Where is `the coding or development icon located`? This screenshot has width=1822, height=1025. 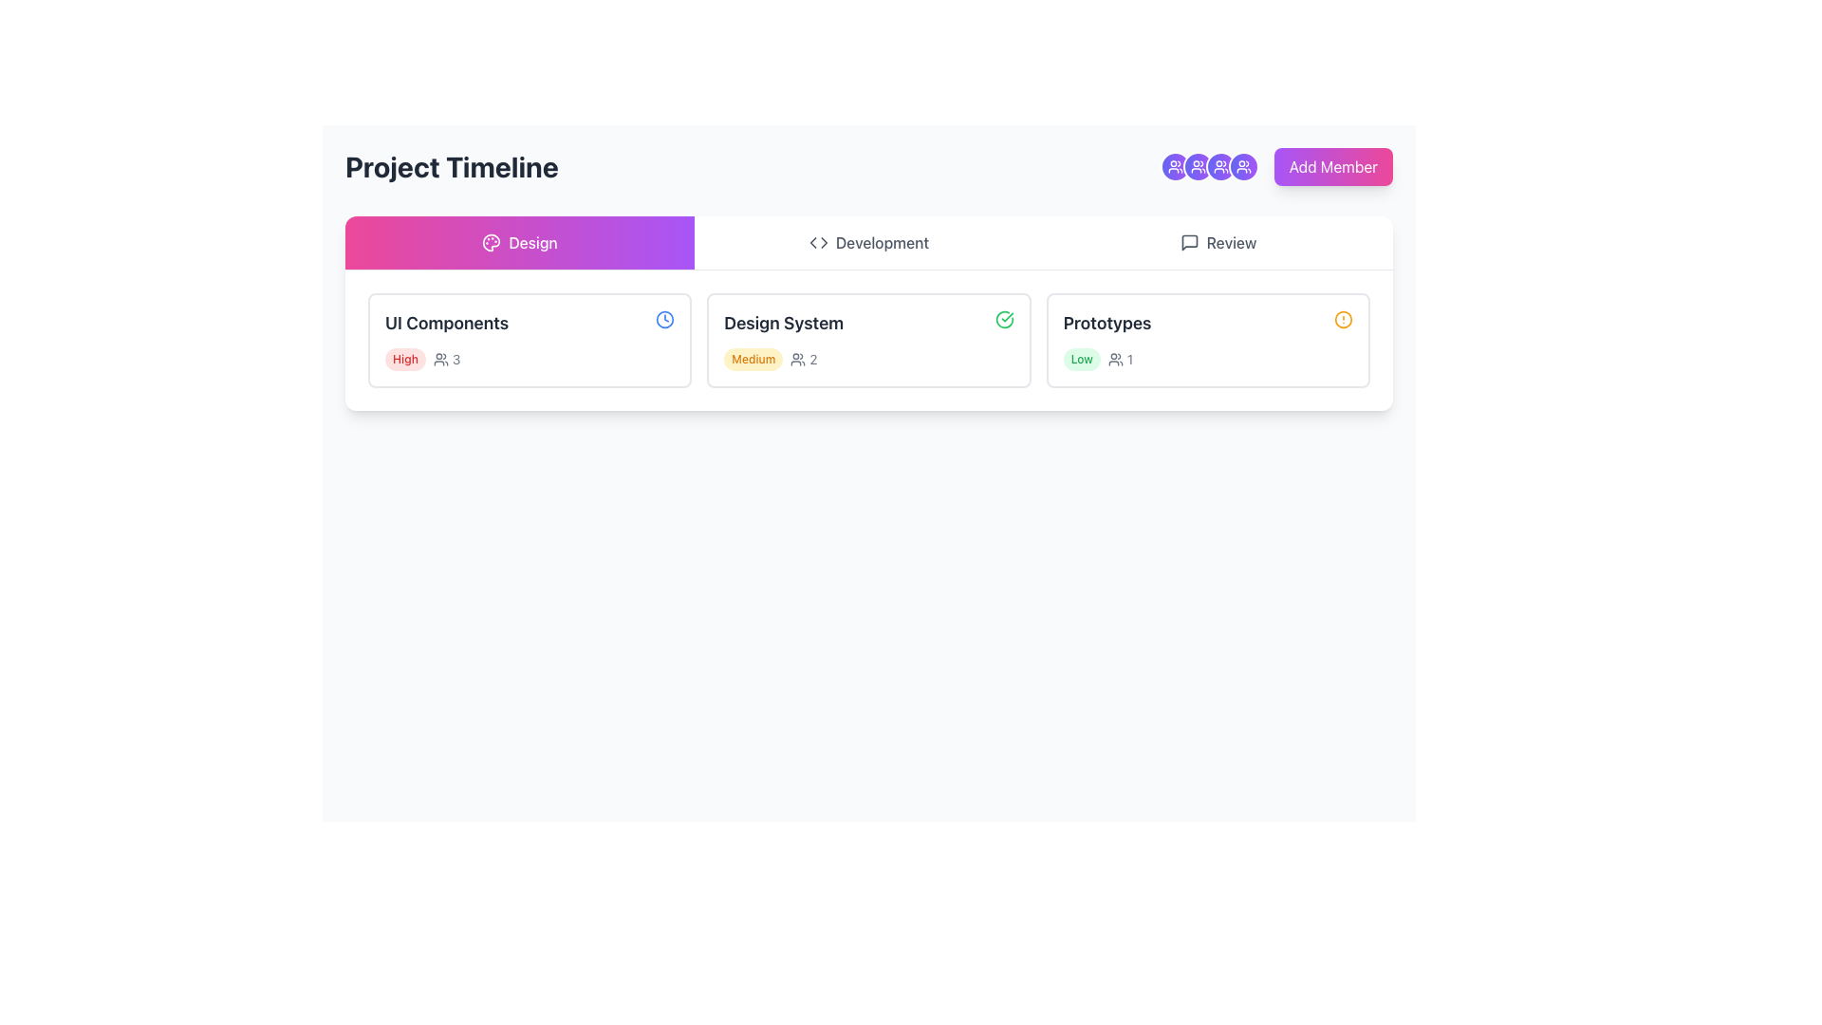 the coding or development icon located is located at coordinates (818, 241).